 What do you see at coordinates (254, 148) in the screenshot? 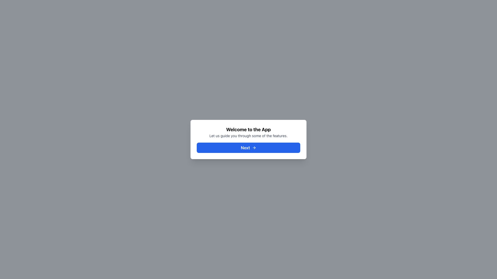
I see `the direction icon that indicates the action of the 'Next' button` at bounding box center [254, 148].